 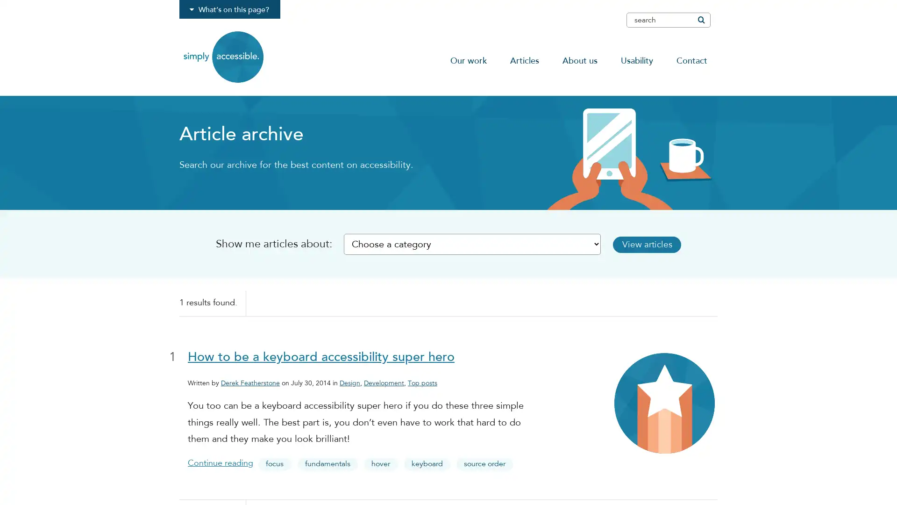 What do you see at coordinates (663, 244) in the screenshot?
I see `View articles` at bounding box center [663, 244].